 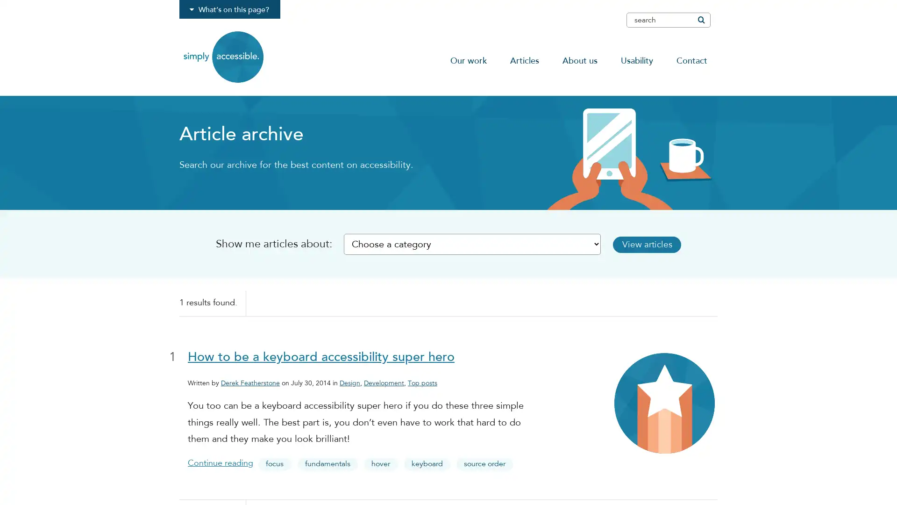 What do you see at coordinates (663, 244) in the screenshot?
I see `View articles` at bounding box center [663, 244].